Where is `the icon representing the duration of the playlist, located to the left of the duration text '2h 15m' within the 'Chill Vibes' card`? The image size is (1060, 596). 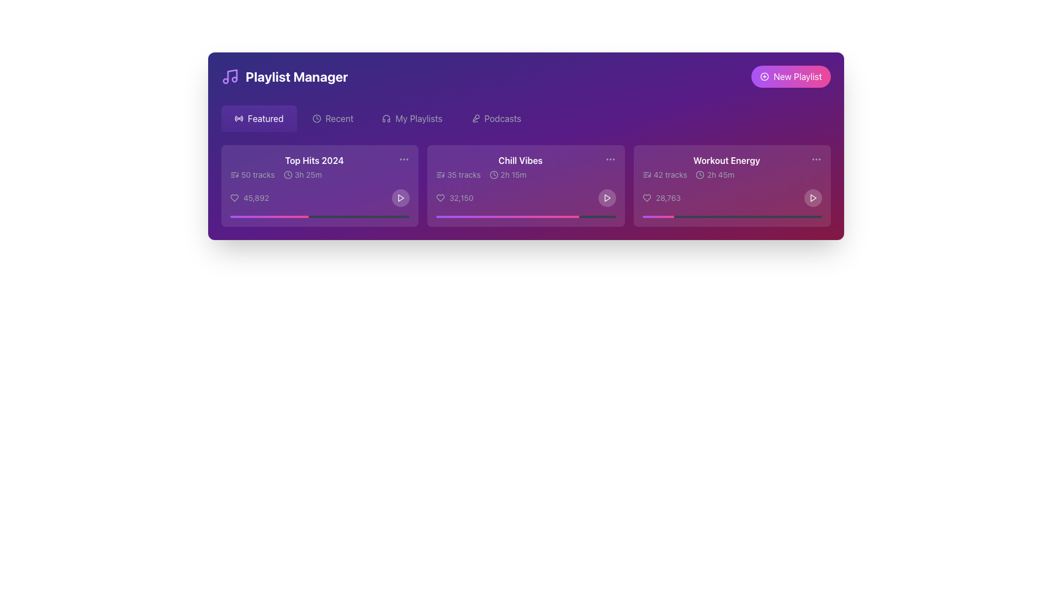 the icon representing the duration of the playlist, located to the left of the duration text '2h 15m' within the 'Chill Vibes' card is located at coordinates (493, 174).